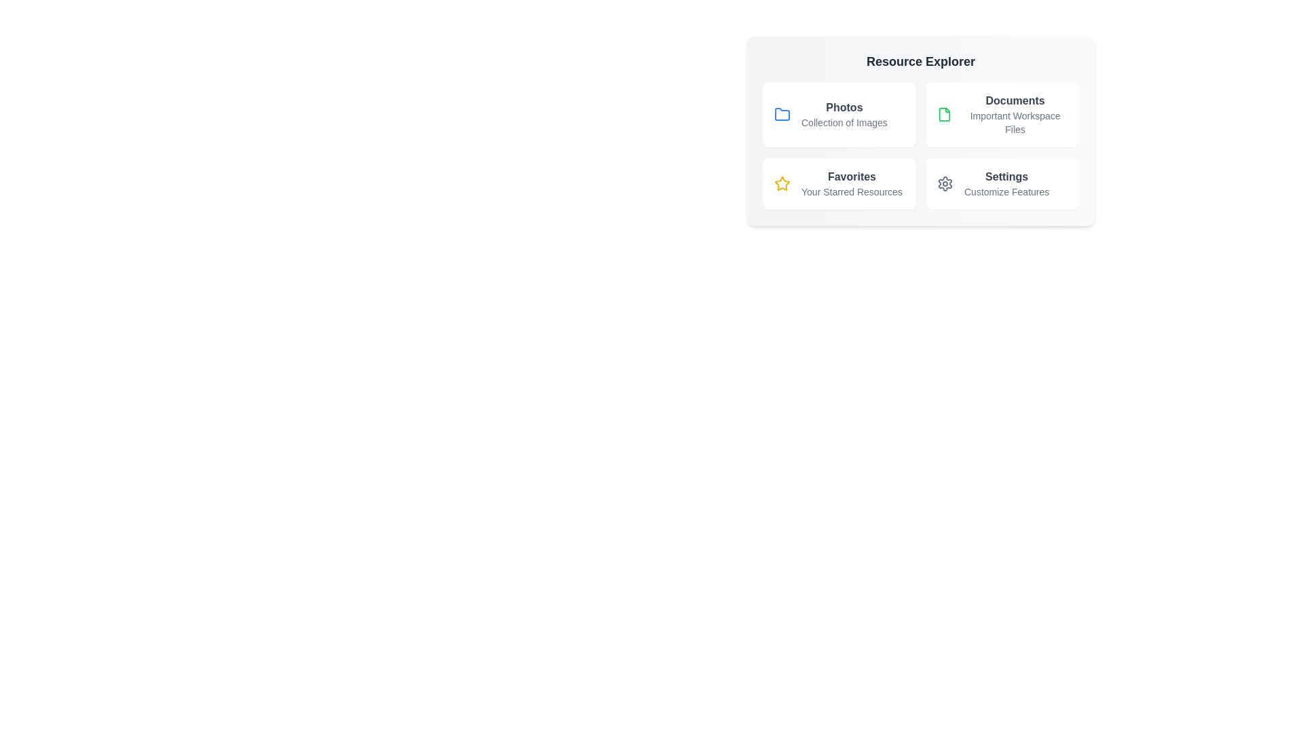 The image size is (1303, 733). Describe the element at coordinates (1002, 183) in the screenshot. I see `the Settings item to reveal additional details or effects` at that location.